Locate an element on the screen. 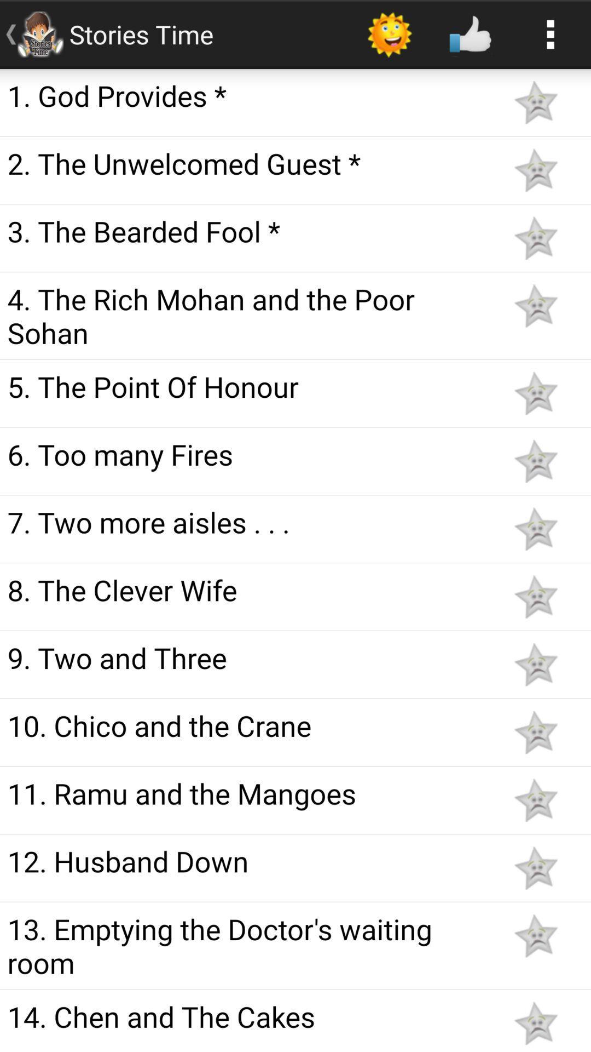  bookmark the story is located at coordinates (535, 529).